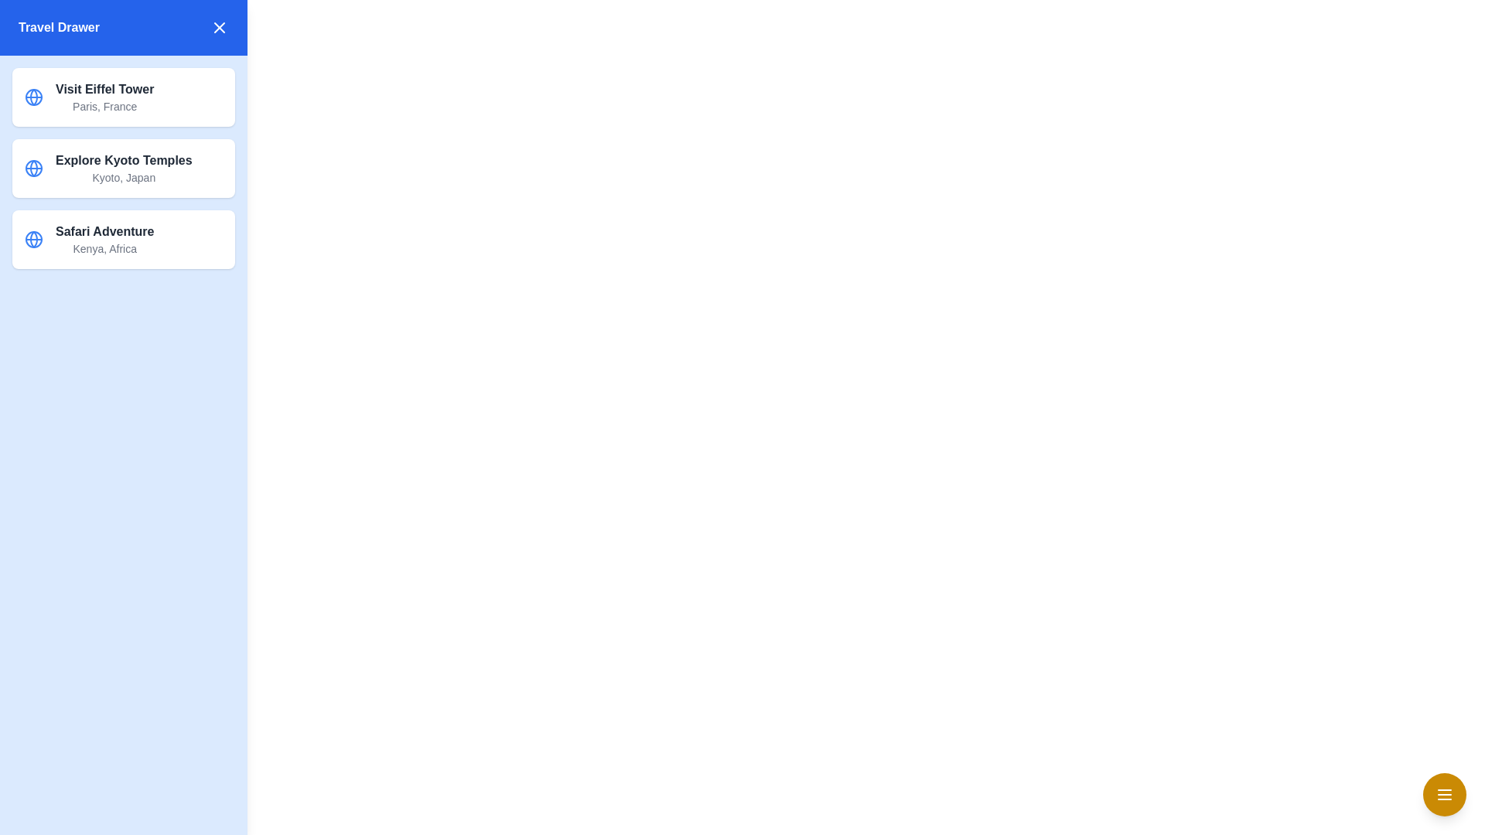  What do you see at coordinates (104, 97) in the screenshot?
I see `the text block displaying the name and location of a travel destination in the topmost card of the travel options list under the 'Travel Drawer' header` at bounding box center [104, 97].